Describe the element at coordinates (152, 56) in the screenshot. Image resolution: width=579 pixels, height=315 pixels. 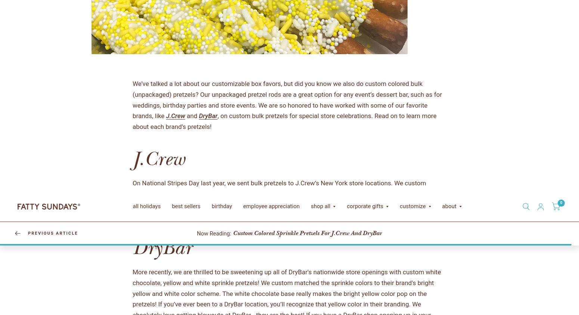
I see `'GET STARTED'` at that location.